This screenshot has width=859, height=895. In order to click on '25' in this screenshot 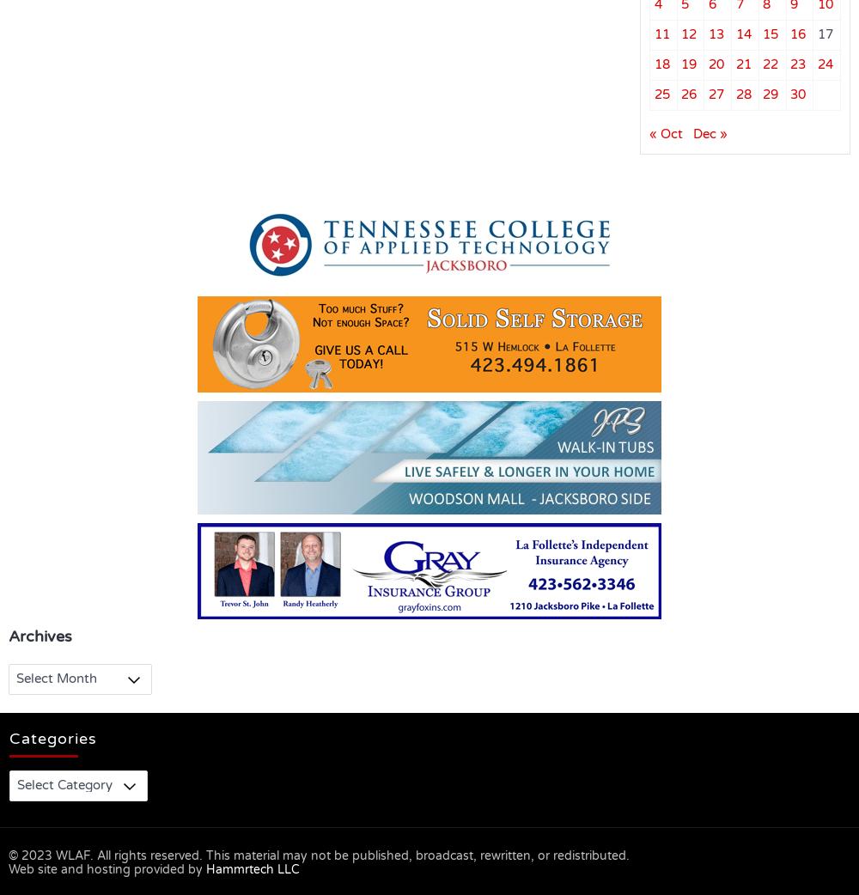, I will do `click(661, 94)`.